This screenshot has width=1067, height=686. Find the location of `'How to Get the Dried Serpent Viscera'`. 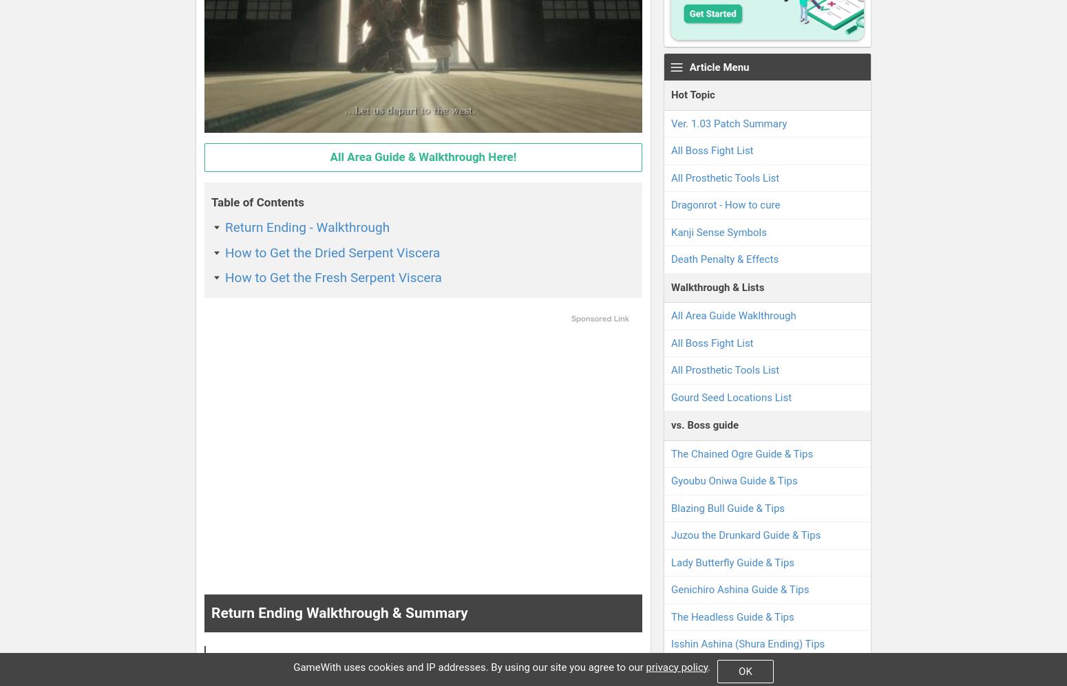

'How to Get the Dried Serpent Viscera' is located at coordinates (331, 252).